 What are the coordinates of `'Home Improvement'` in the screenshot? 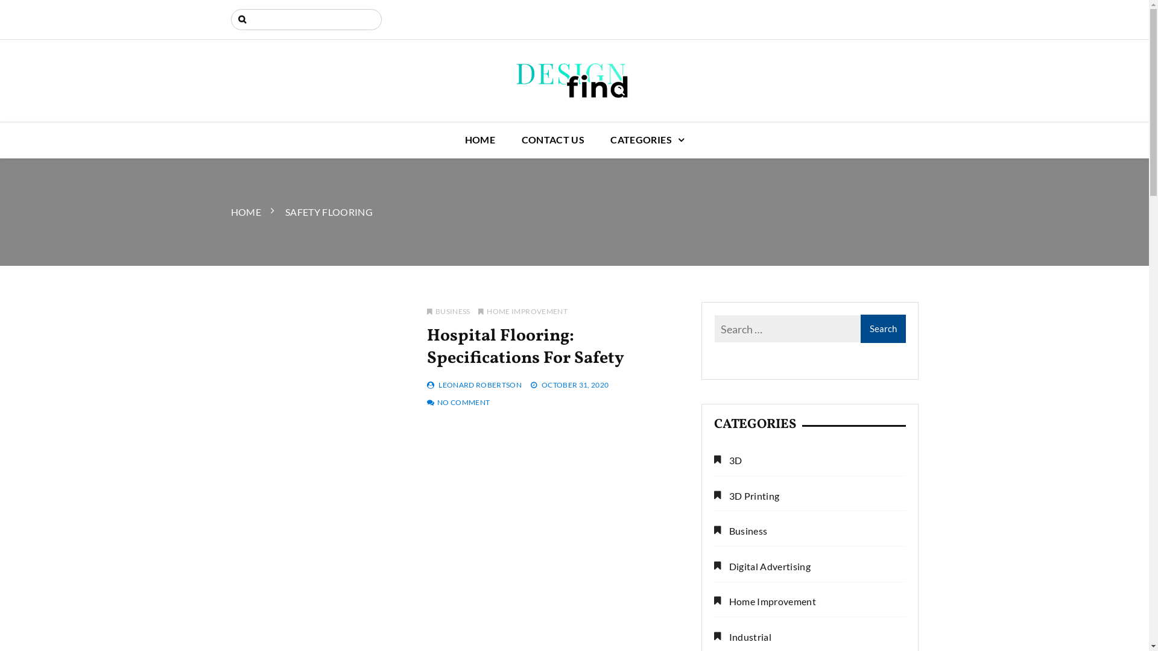 It's located at (764, 602).